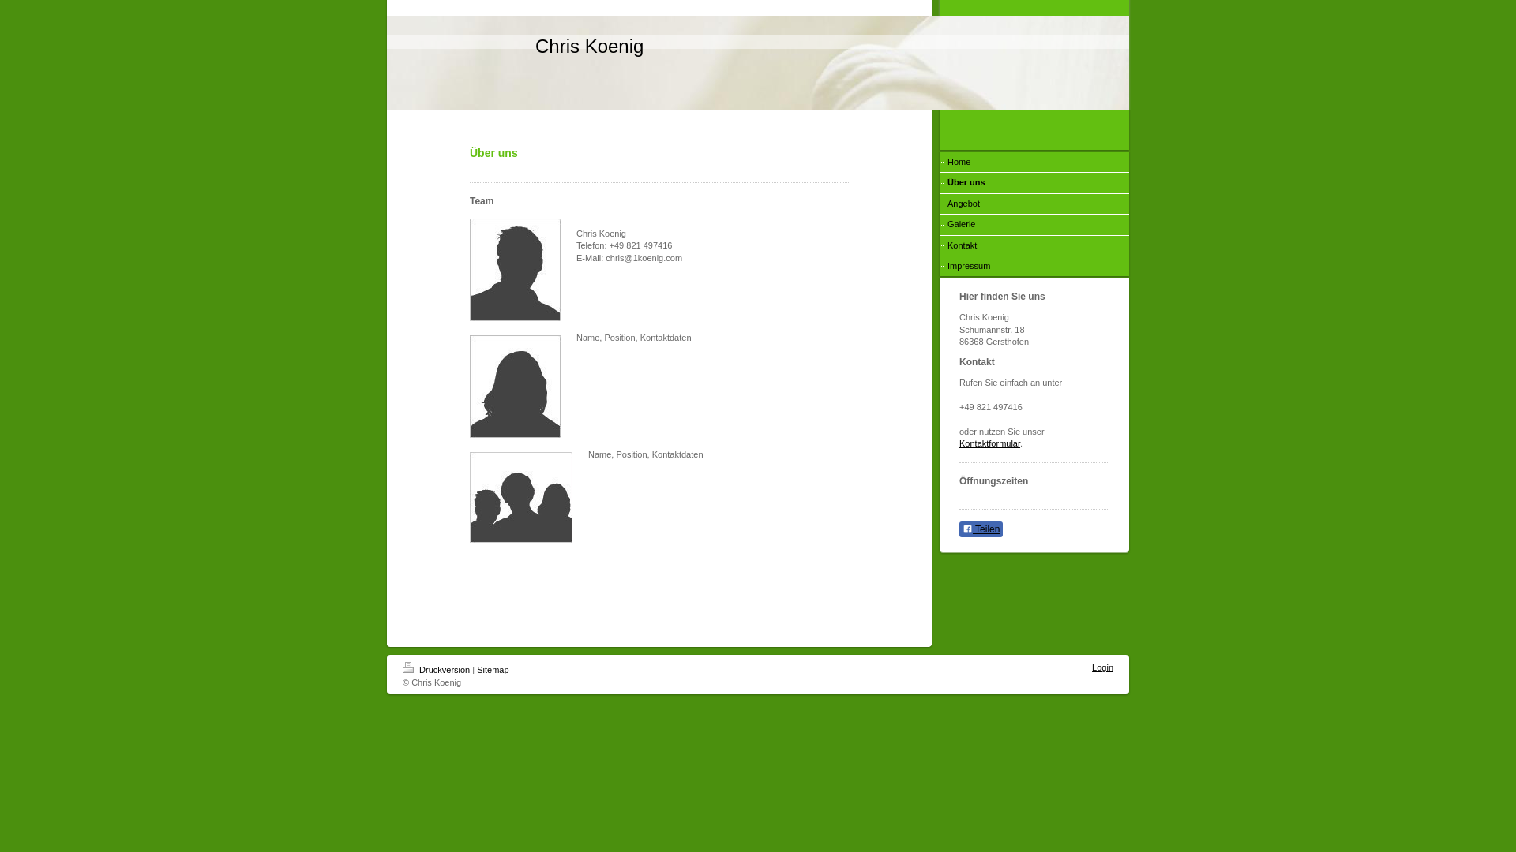 The width and height of the screenshot is (1516, 852). Describe the element at coordinates (1034, 162) in the screenshot. I see `'Home'` at that location.